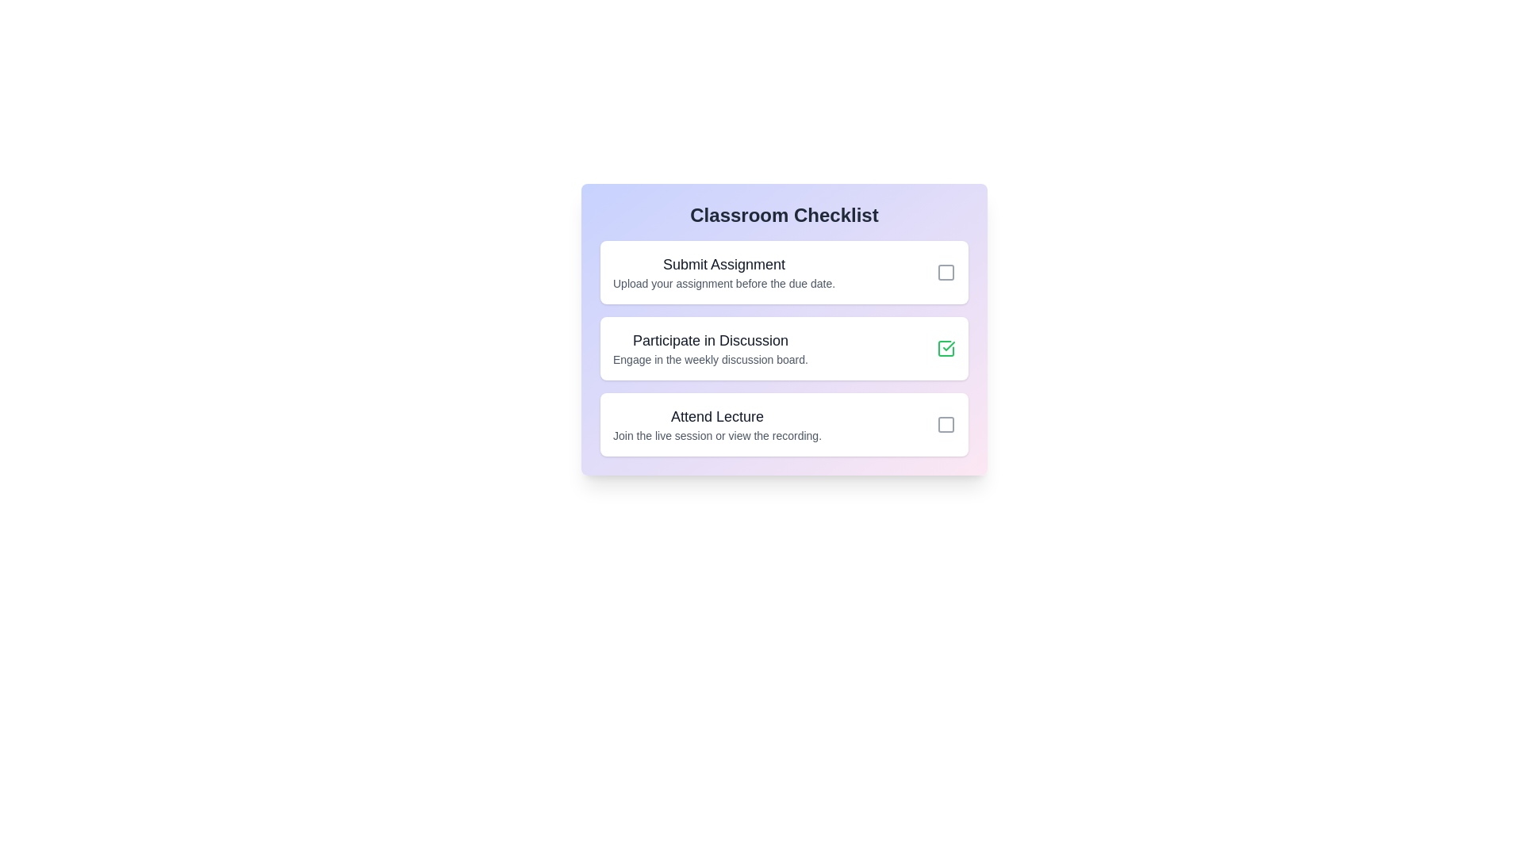 The width and height of the screenshot is (1523, 856). Describe the element at coordinates (946, 271) in the screenshot. I see `the small, outlined square checkbox icon located to the far right of the 'Submit Assignment' section` at that location.